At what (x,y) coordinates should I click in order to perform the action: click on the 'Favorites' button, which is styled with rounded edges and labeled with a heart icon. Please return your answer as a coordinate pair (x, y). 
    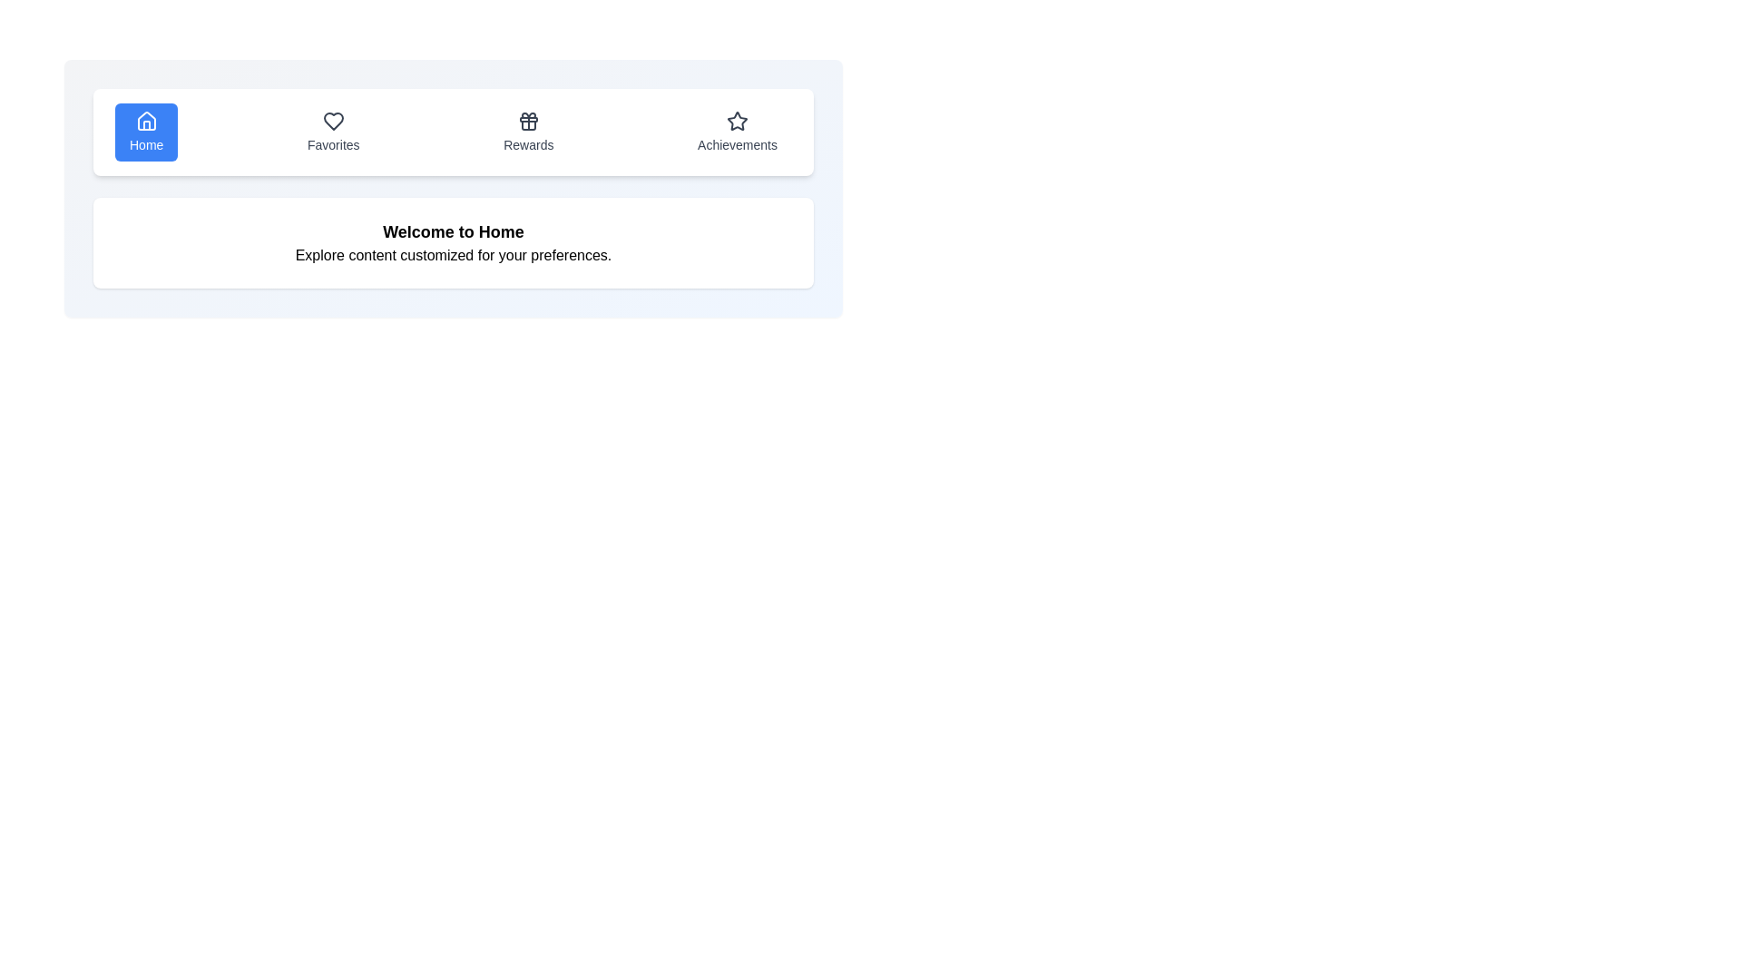
    Looking at the image, I should click on (333, 132).